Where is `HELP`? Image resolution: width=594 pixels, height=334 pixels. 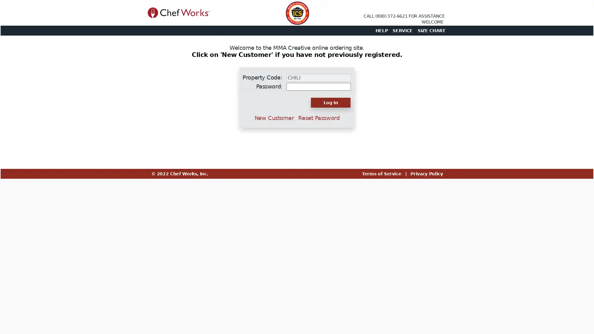
HELP is located at coordinates (381, 31).